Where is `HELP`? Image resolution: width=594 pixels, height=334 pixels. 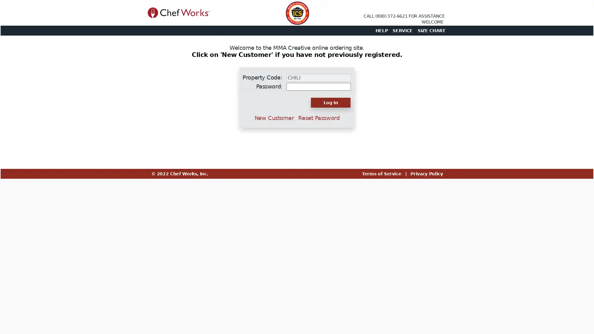
HELP is located at coordinates (381, 31).